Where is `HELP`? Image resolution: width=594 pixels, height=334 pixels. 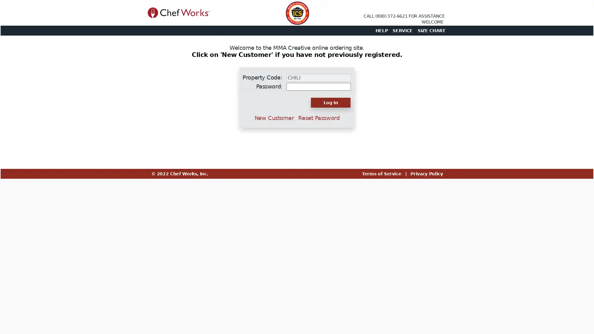
HELP is located at coordinates (381, 31).